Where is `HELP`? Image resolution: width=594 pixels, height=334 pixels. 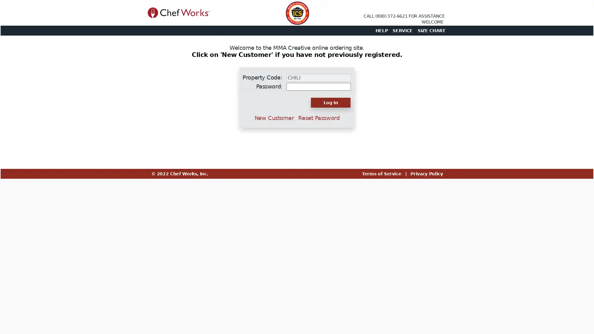
HELP is located at coordinates (381, 31).